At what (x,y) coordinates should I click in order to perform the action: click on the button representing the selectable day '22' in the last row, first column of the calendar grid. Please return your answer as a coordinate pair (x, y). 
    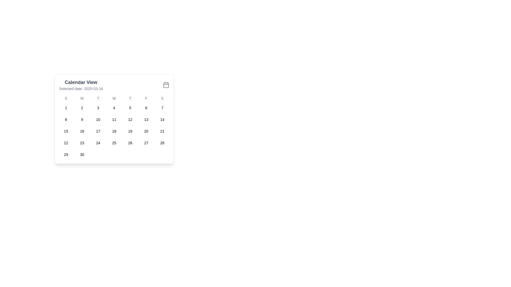
    Looking at the image, I should click on (66, 142).